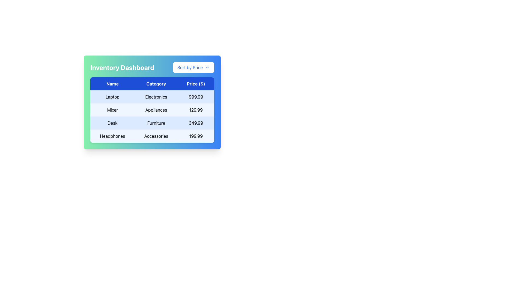  I want to click on the second row in the table containing 'Mixer', 'Appliances', and '129.99', which has a light blue alternating background, so click(152, 110).